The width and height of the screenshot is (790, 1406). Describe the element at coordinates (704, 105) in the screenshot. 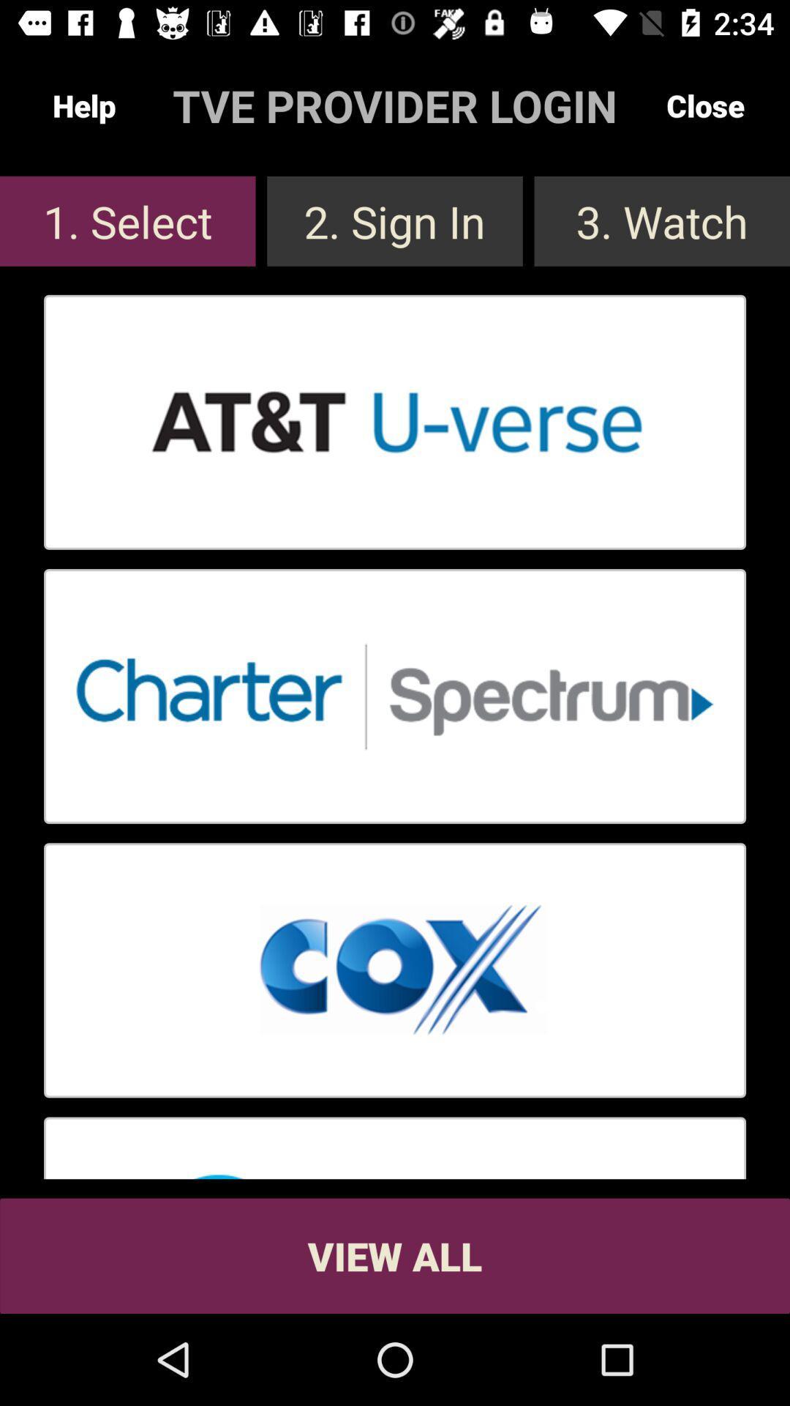

I see `the item to the right of tve provider login item` at that location.